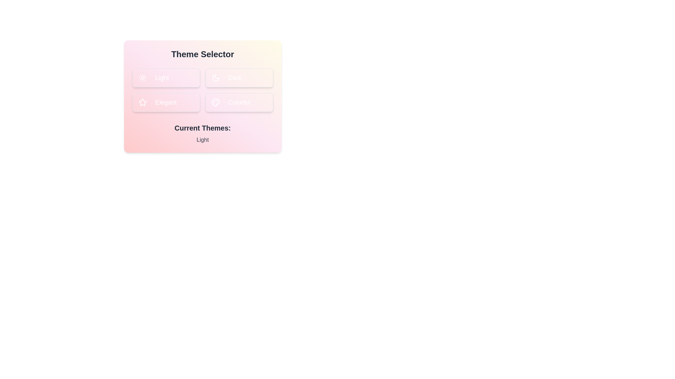  What do you see at coordinates (202, 134) in the screenshot?
I see `the text display element that shows the current theme, which includes the header 'Current Themes:' and the word 'Light' below it` at bounding box center [202, 134].